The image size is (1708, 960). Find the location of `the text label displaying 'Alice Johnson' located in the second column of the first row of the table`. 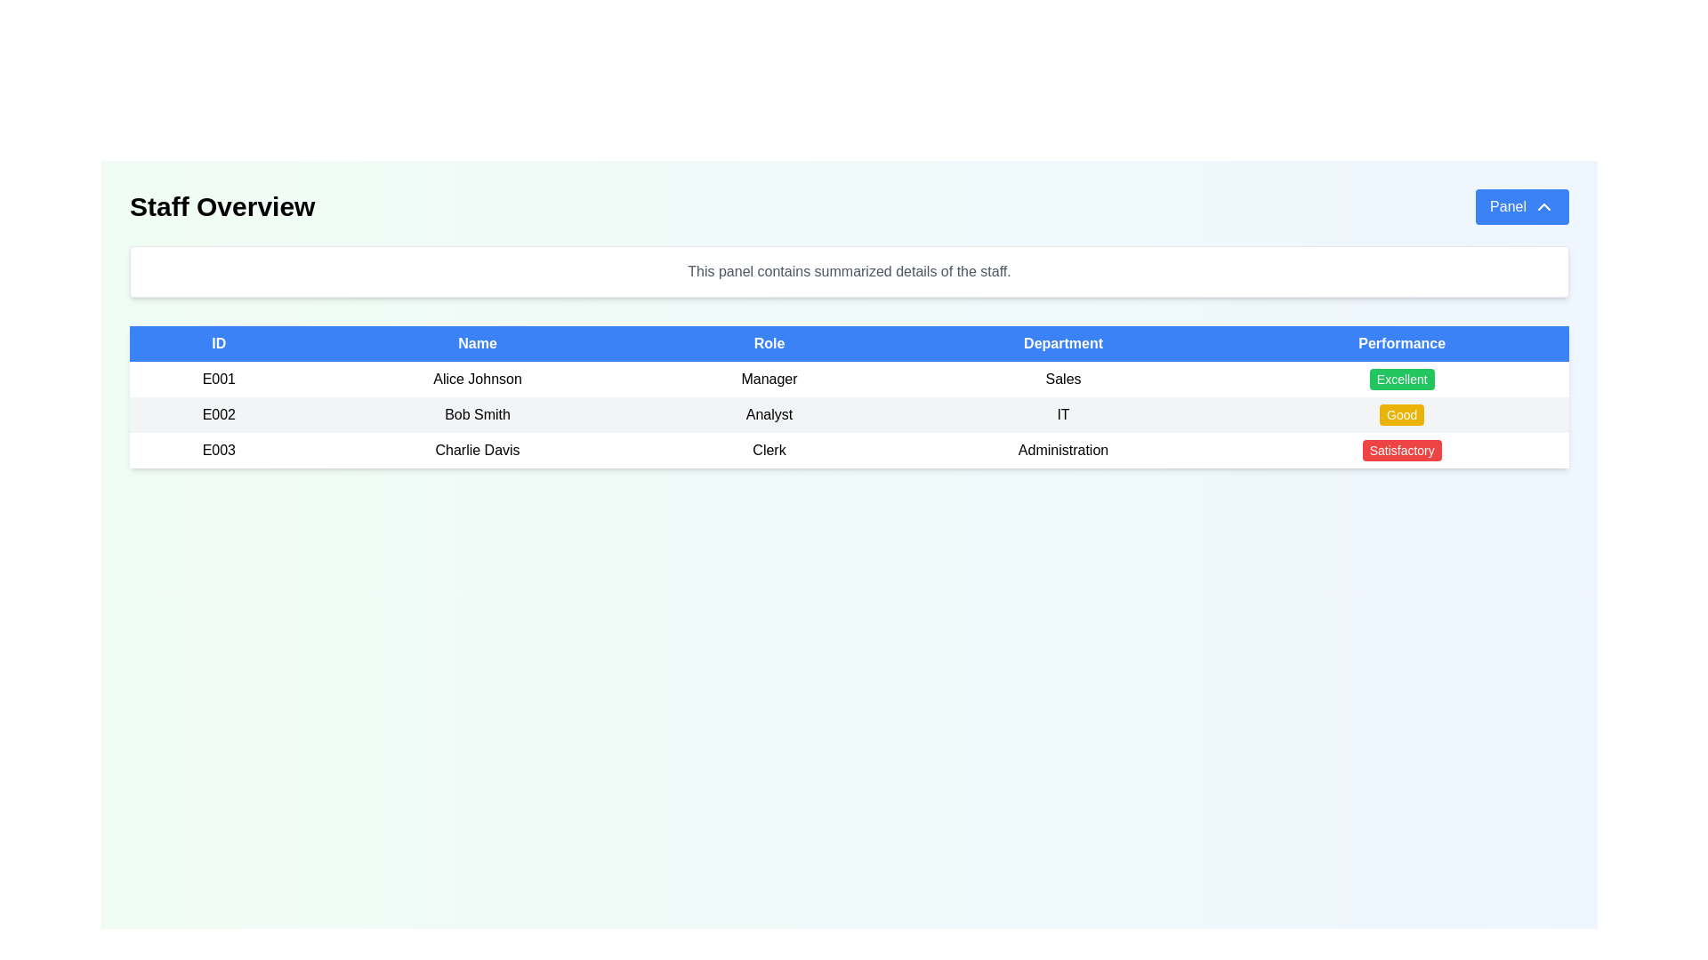

the text label displaying 'Alice Johnson' located in the second column of the first row of the table is located at coordinates (478, 379).